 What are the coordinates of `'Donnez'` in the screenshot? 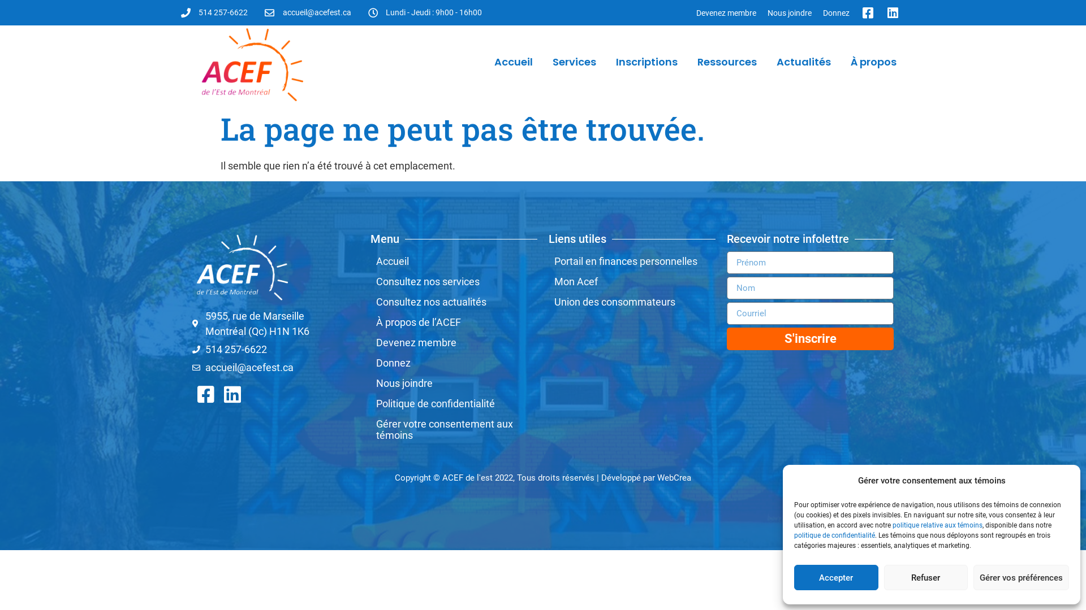 It's located at (454, 363).